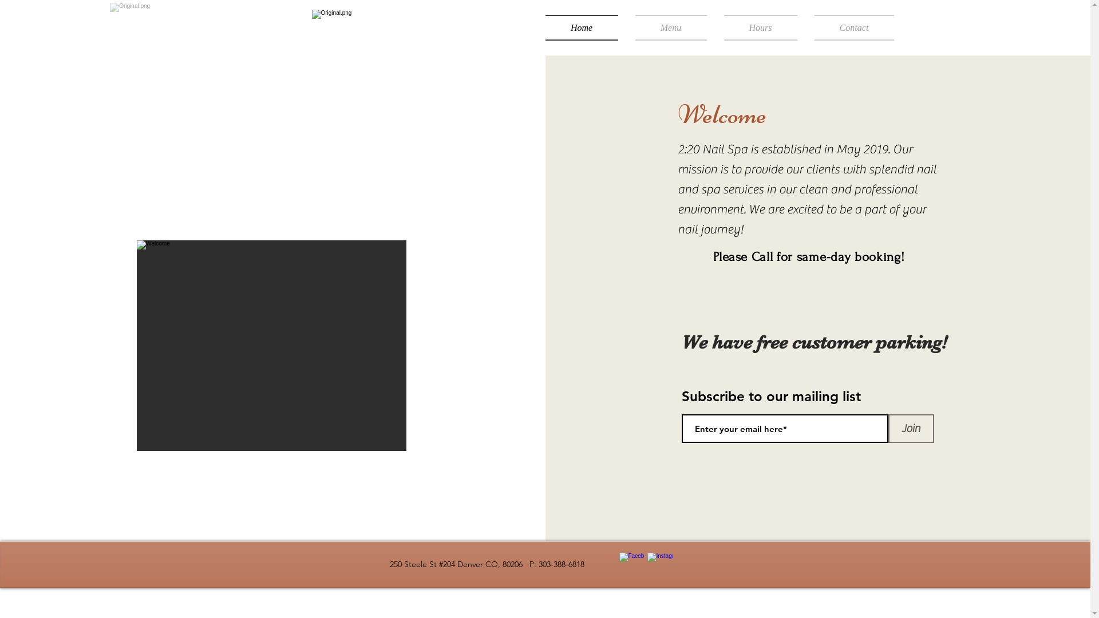 The width and height of the screenshot is (1099, 618). Describe the element at coordinates (670, 27) in the screenshot. I see `'Menu'` at that location.